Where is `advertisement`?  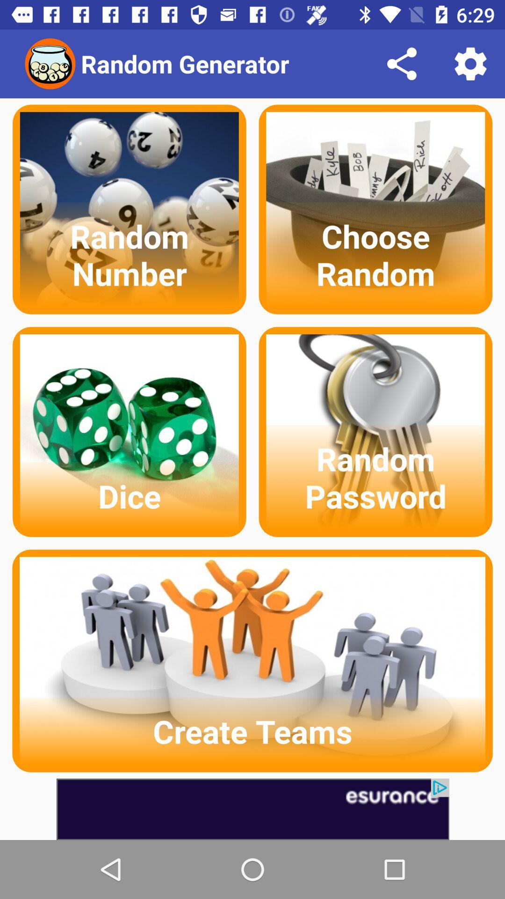
advertisement is located at coordinates (252, 809).